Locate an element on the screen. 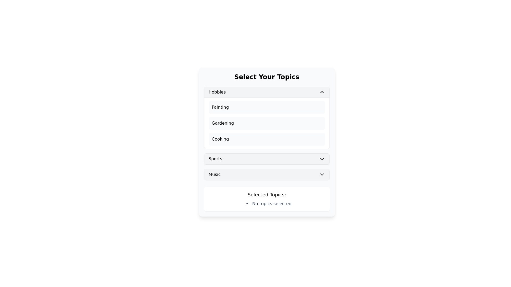 The height and width of the screenshot is (287, 511). keyboard navigation is located at coordinates (267, 139).